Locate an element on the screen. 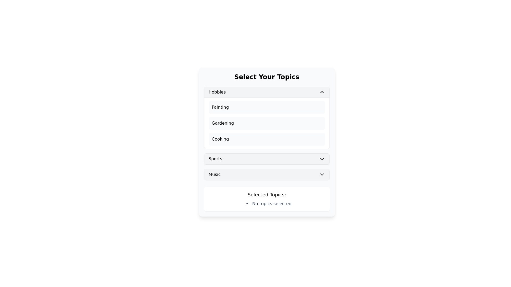 The height and width of the screenshot is (287, 511). keyboard navigation is located at coordinates (267, 139).